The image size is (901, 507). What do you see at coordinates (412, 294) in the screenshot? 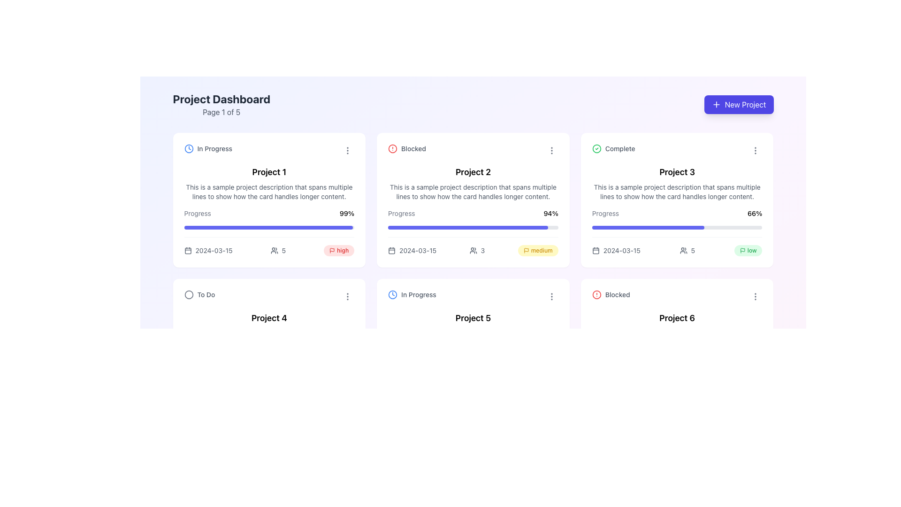
I see `status text 'In Progress' from the Status Indicator, which features a blue clock icon and is positioned at the top-left corner of the 'Project 5' card` at bounding box center [412, 294].